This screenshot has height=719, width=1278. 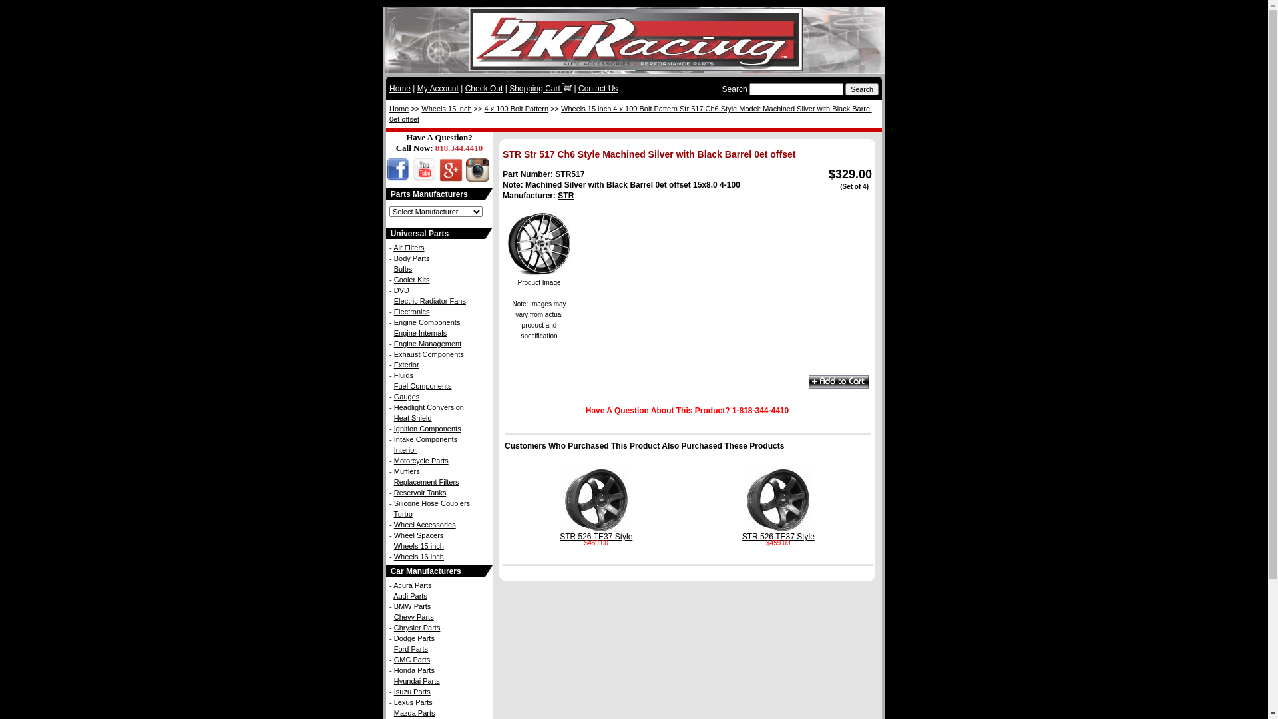 What do you see at coordinates (403, 375) in the screenshot?
I see `'Fluids'` at bounding box center [403, 375].